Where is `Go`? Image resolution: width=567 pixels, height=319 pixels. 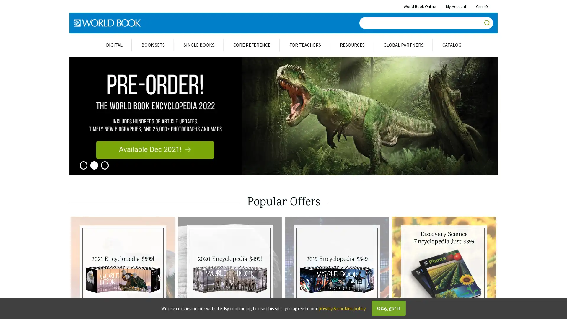 Go is located at coordinates (487, 22).